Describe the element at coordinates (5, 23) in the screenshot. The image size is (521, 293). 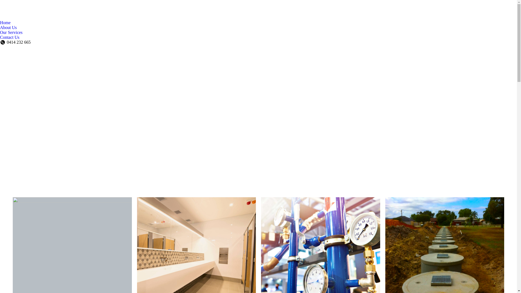
I see `'Home'` at that location.